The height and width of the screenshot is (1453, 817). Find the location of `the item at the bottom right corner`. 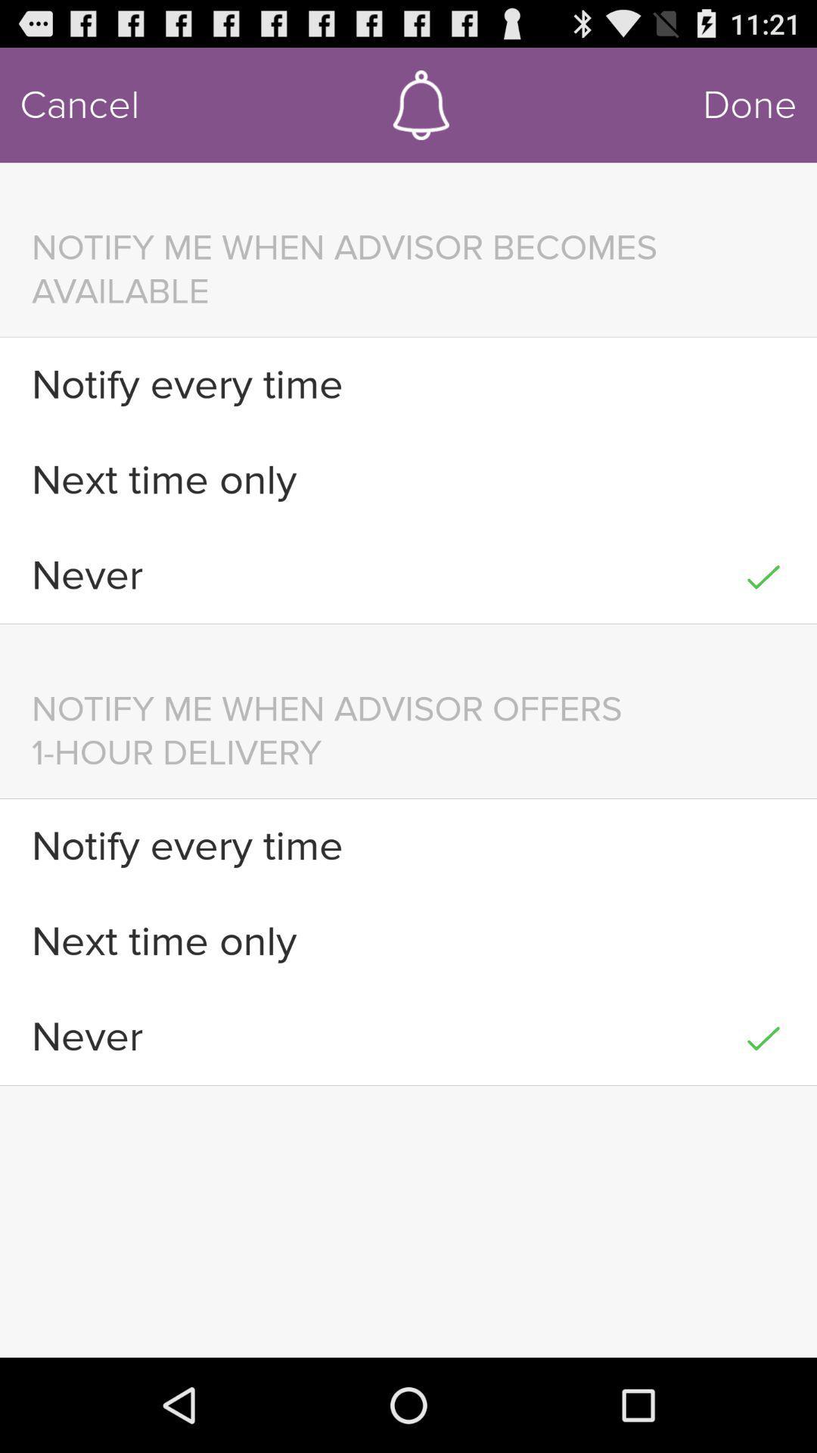

the item at the bottom right corner is located at coordinates (763, 1036).